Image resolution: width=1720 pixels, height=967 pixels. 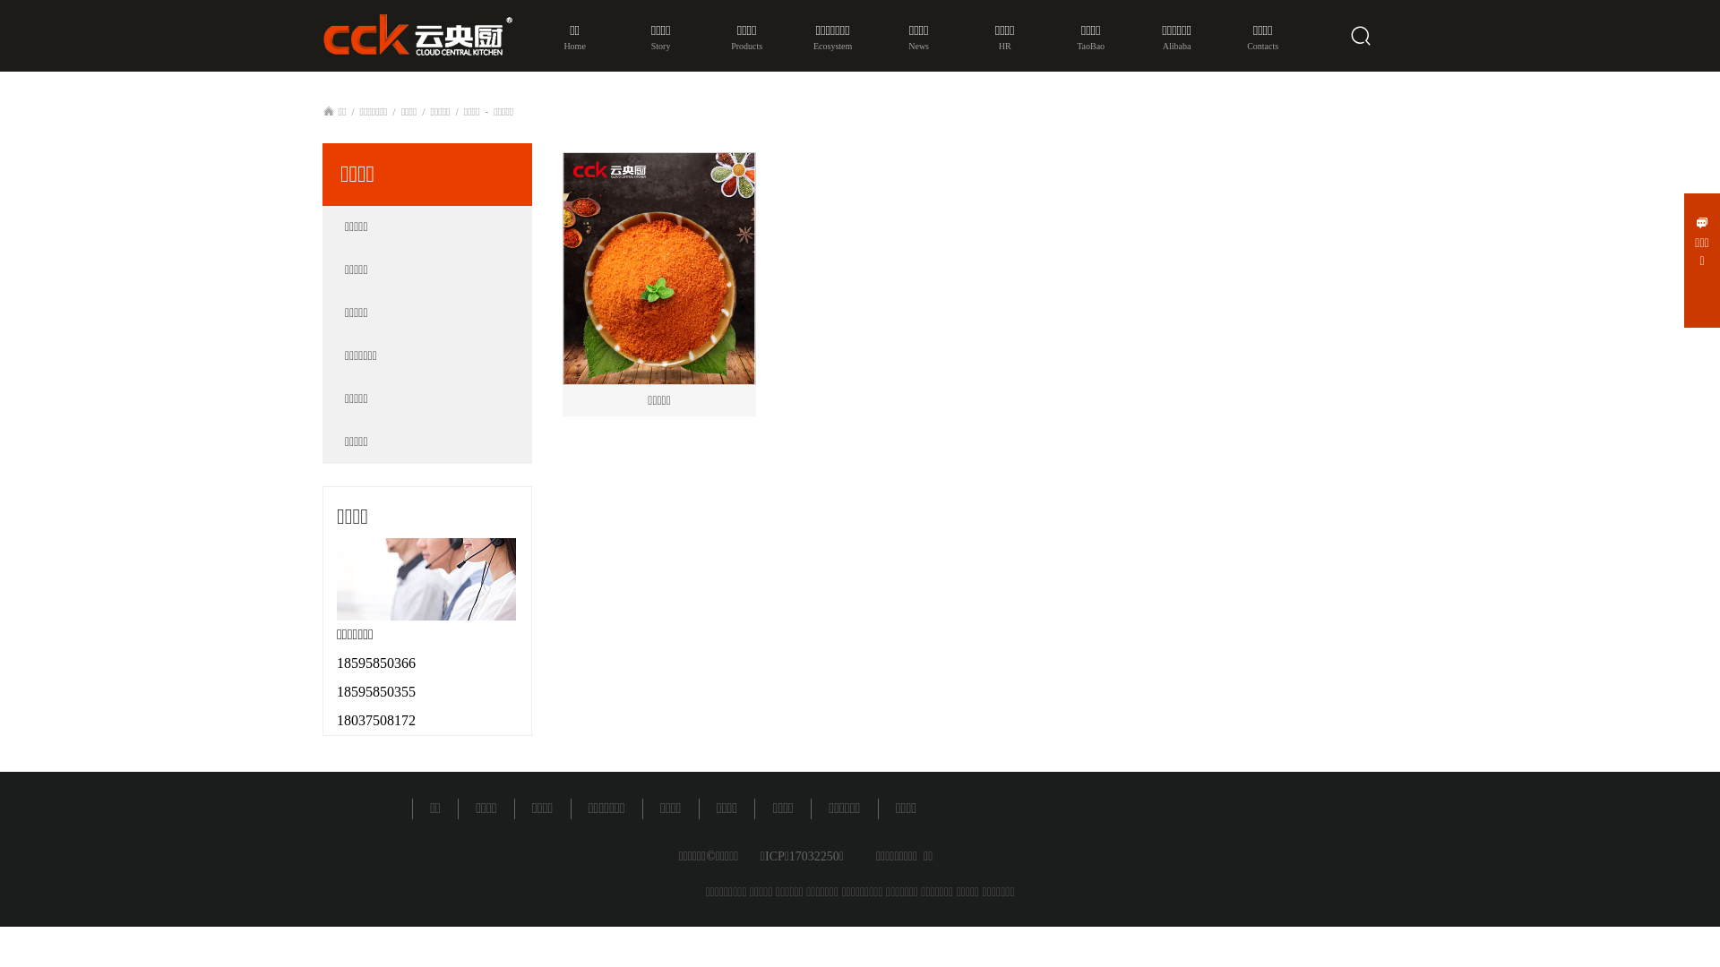 I want to click on '18037508172', so click(x=336, y=719).